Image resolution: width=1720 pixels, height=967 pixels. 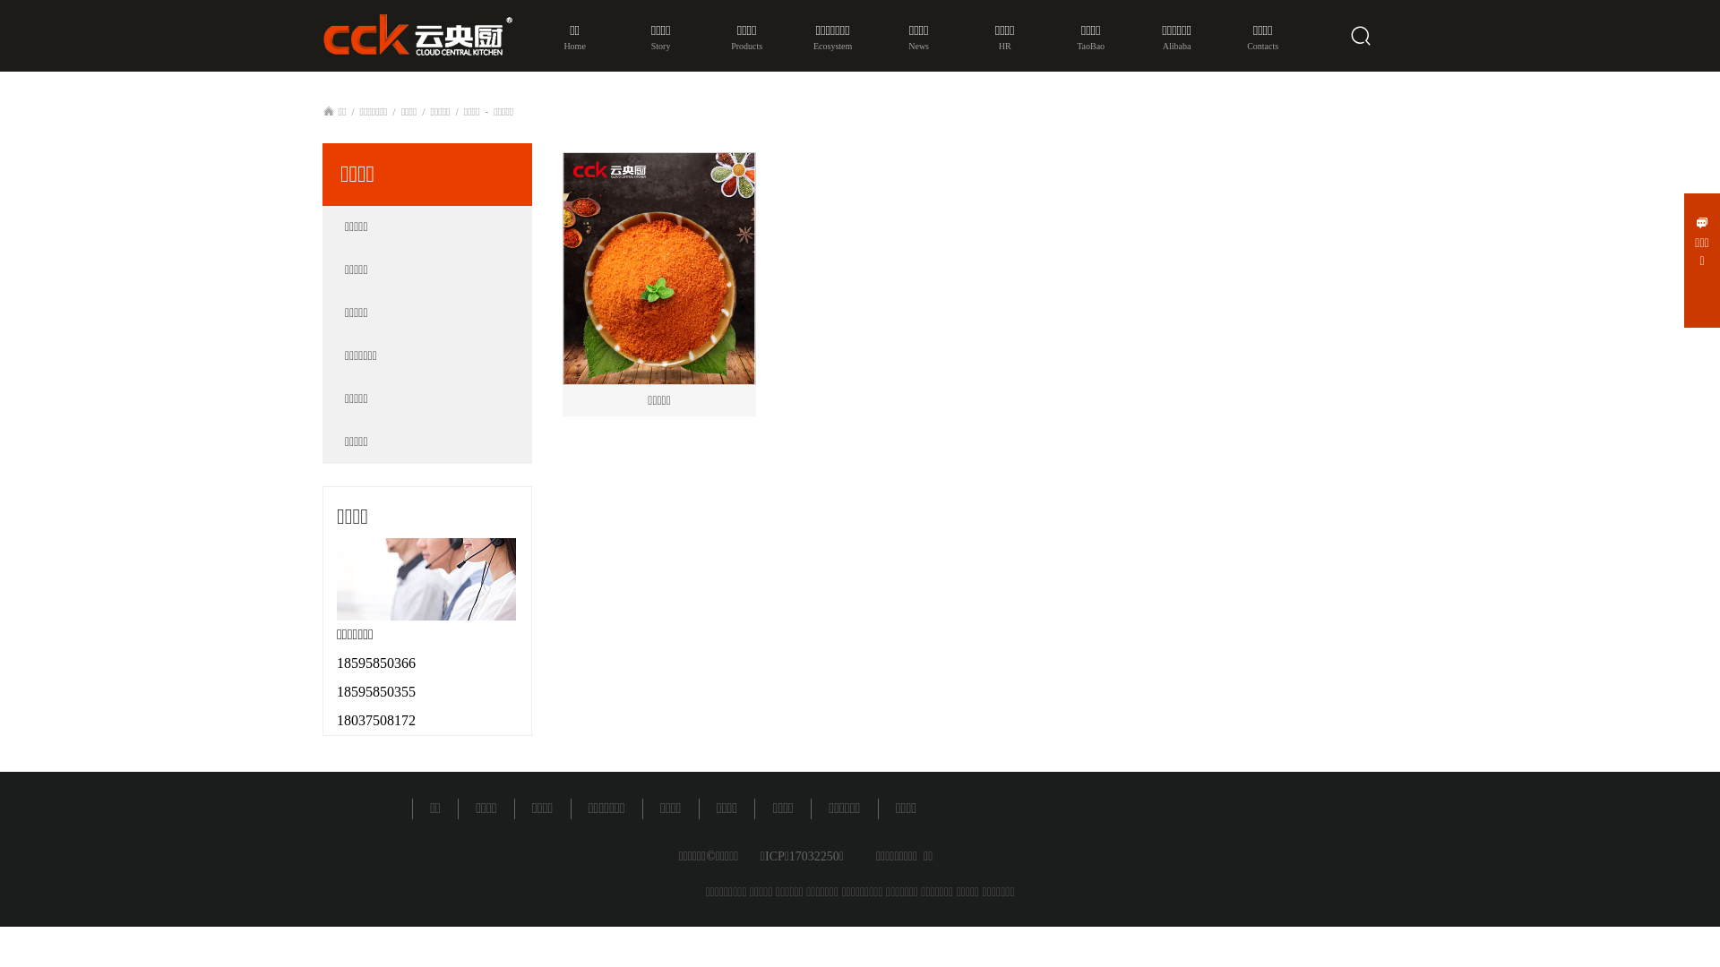 I want to click on '18037508172', so click(x=336, y=719).